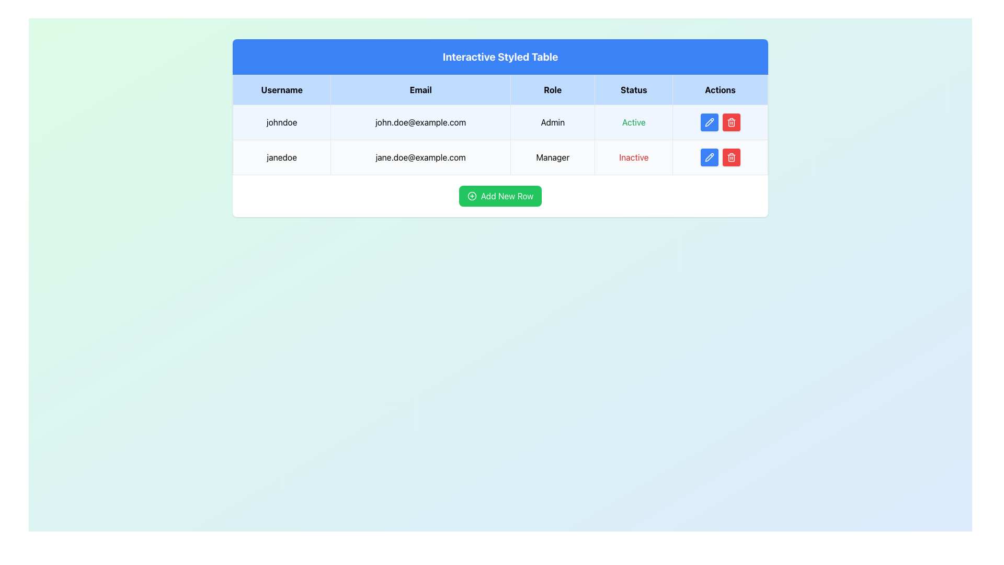 The image size is (1004, 565). What do you see at coordinates (499, 196) in the screenshot?
I see `the green 'Add New Row' button with a circular plus sign icon` at bounding box center [499, 196].